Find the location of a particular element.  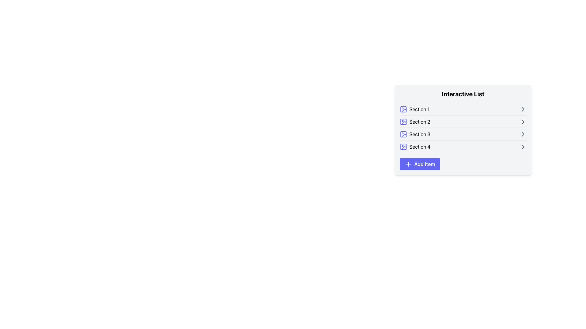

the graphical icon representing 'Section 1', located to the left of the text in a vertically stacked interactive list is located at coordinates (403, 109).